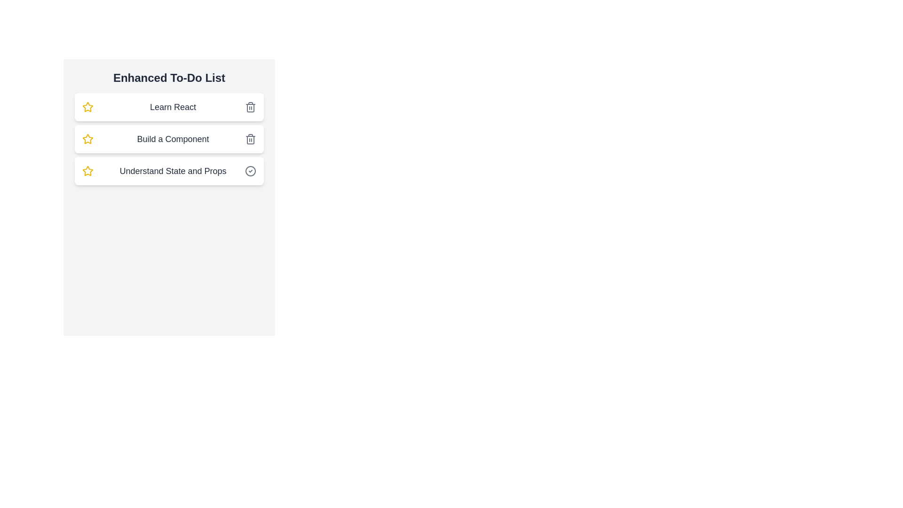  Describe the element at coordinates (250, 106) in the screenshot. I see `the delete button for the item 'Learn React' to change its color` at that location.